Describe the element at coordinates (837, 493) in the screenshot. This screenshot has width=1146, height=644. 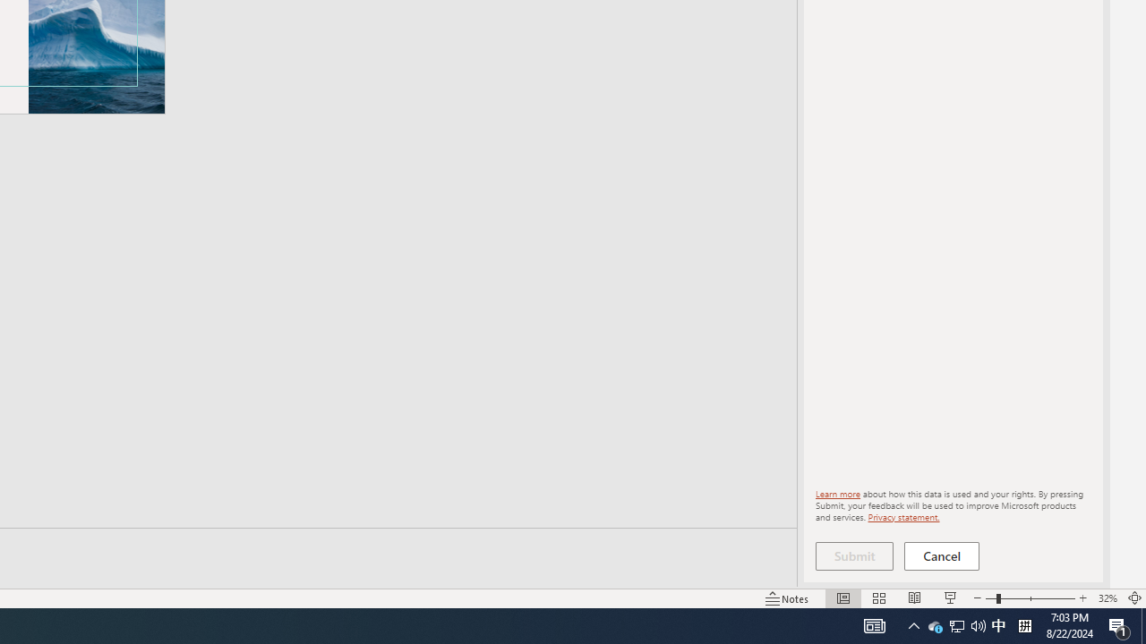
I see `'Learn more'` at that location.